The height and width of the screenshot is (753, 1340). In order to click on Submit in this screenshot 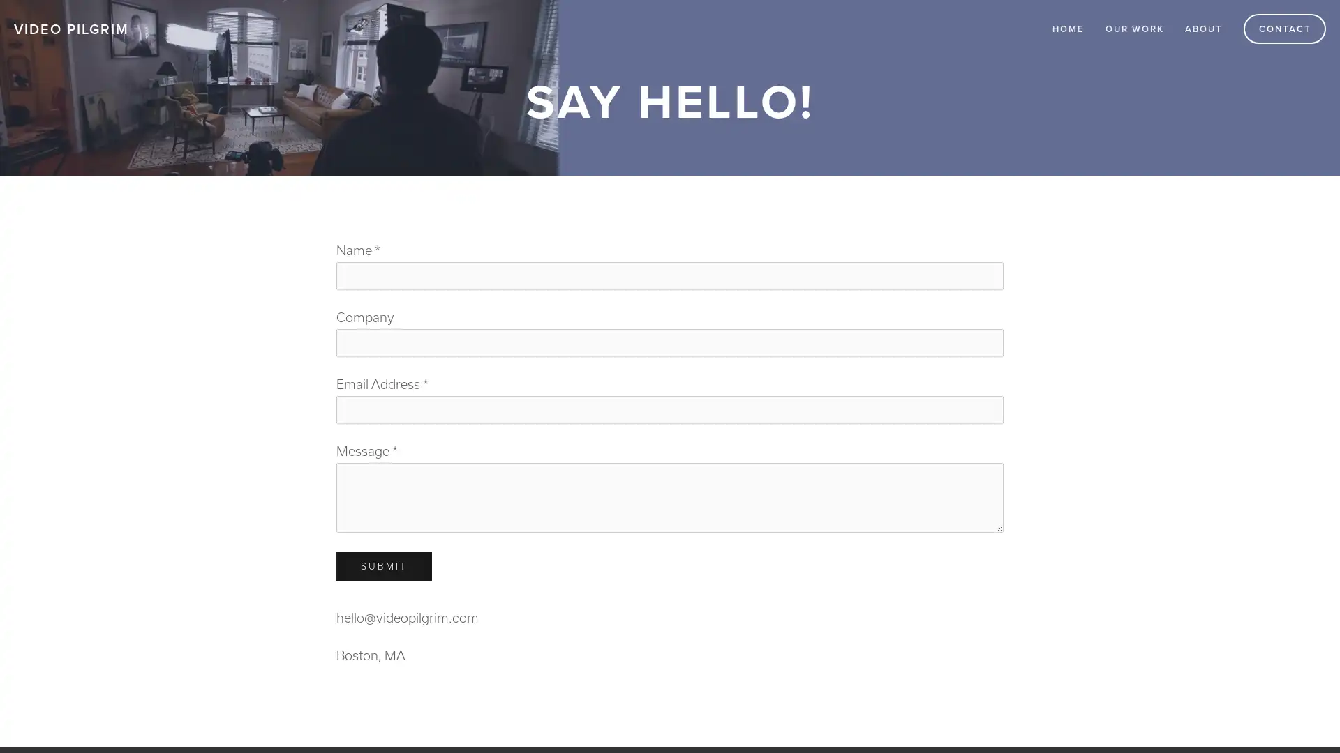, I will do `click(384, 567)`.